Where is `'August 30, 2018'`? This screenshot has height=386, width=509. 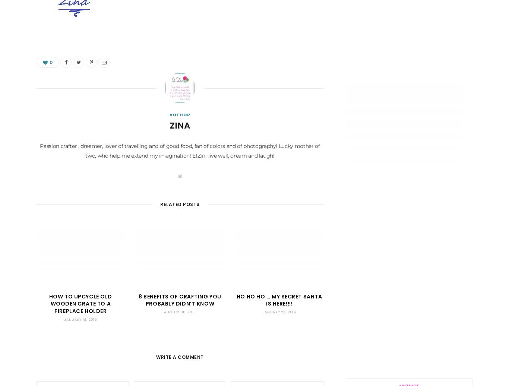
'August 30, 2018' is located at coordinates (180, 312).